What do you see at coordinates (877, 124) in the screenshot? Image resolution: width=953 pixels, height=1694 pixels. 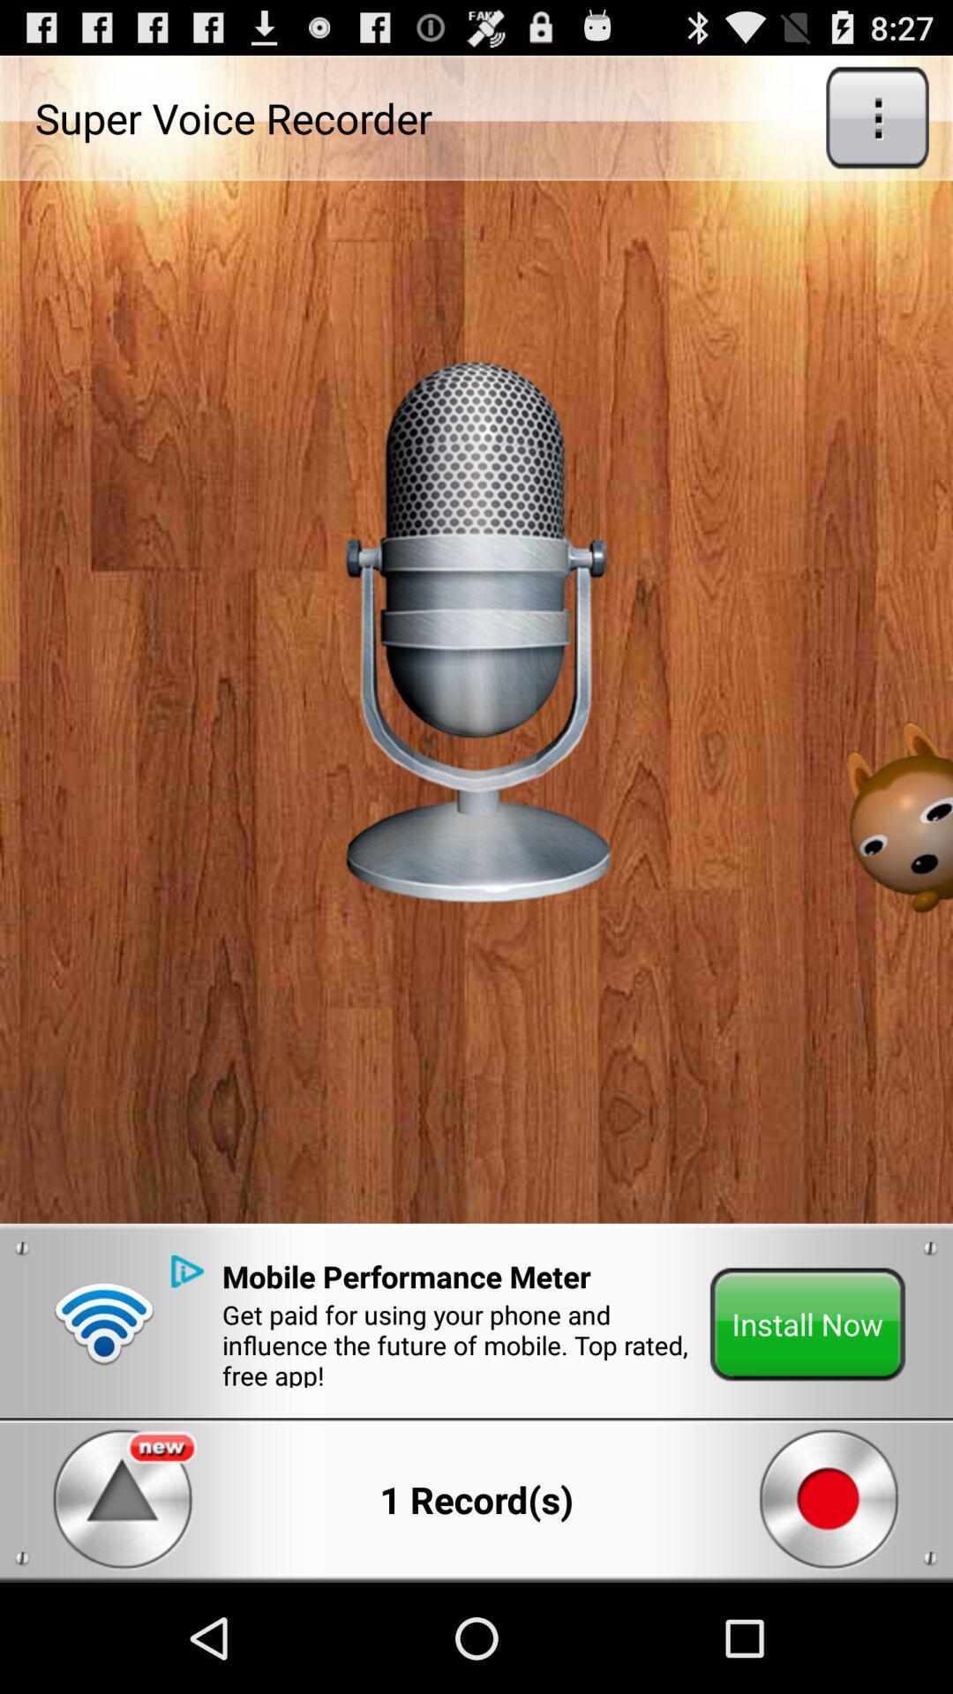 I see `the more icon` at bounding box center [877, 124].